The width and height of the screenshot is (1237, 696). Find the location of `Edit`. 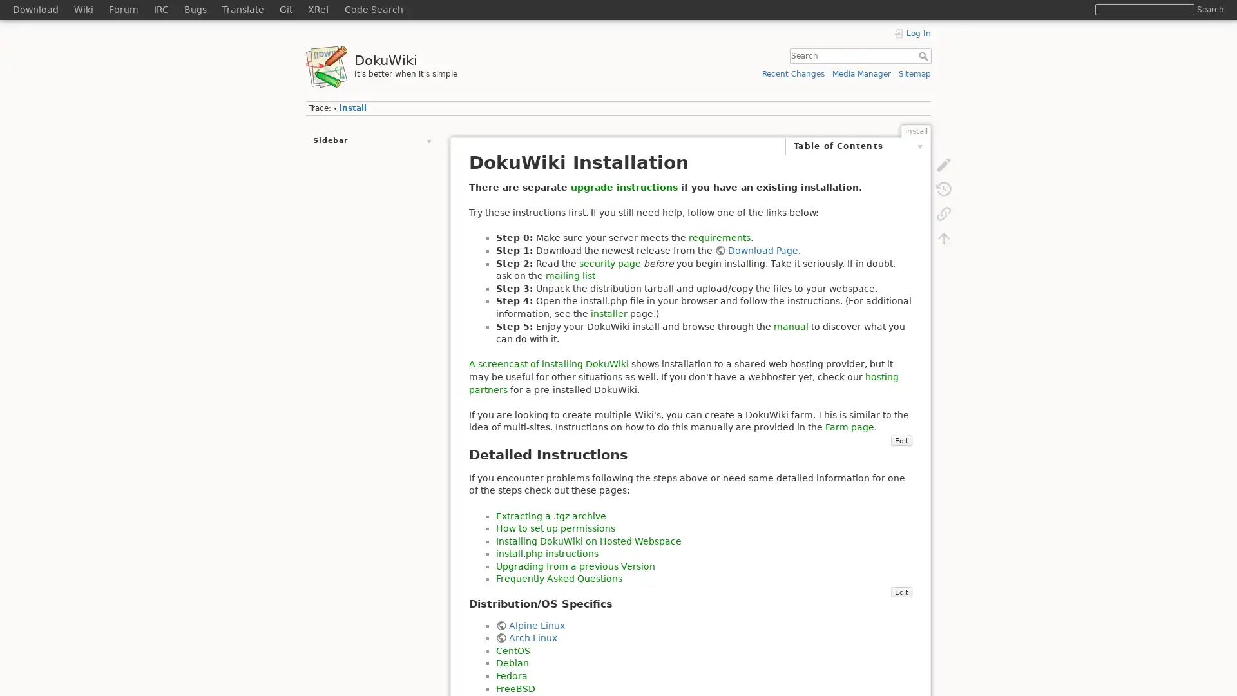

Edit is located at coordinates (900, 478).